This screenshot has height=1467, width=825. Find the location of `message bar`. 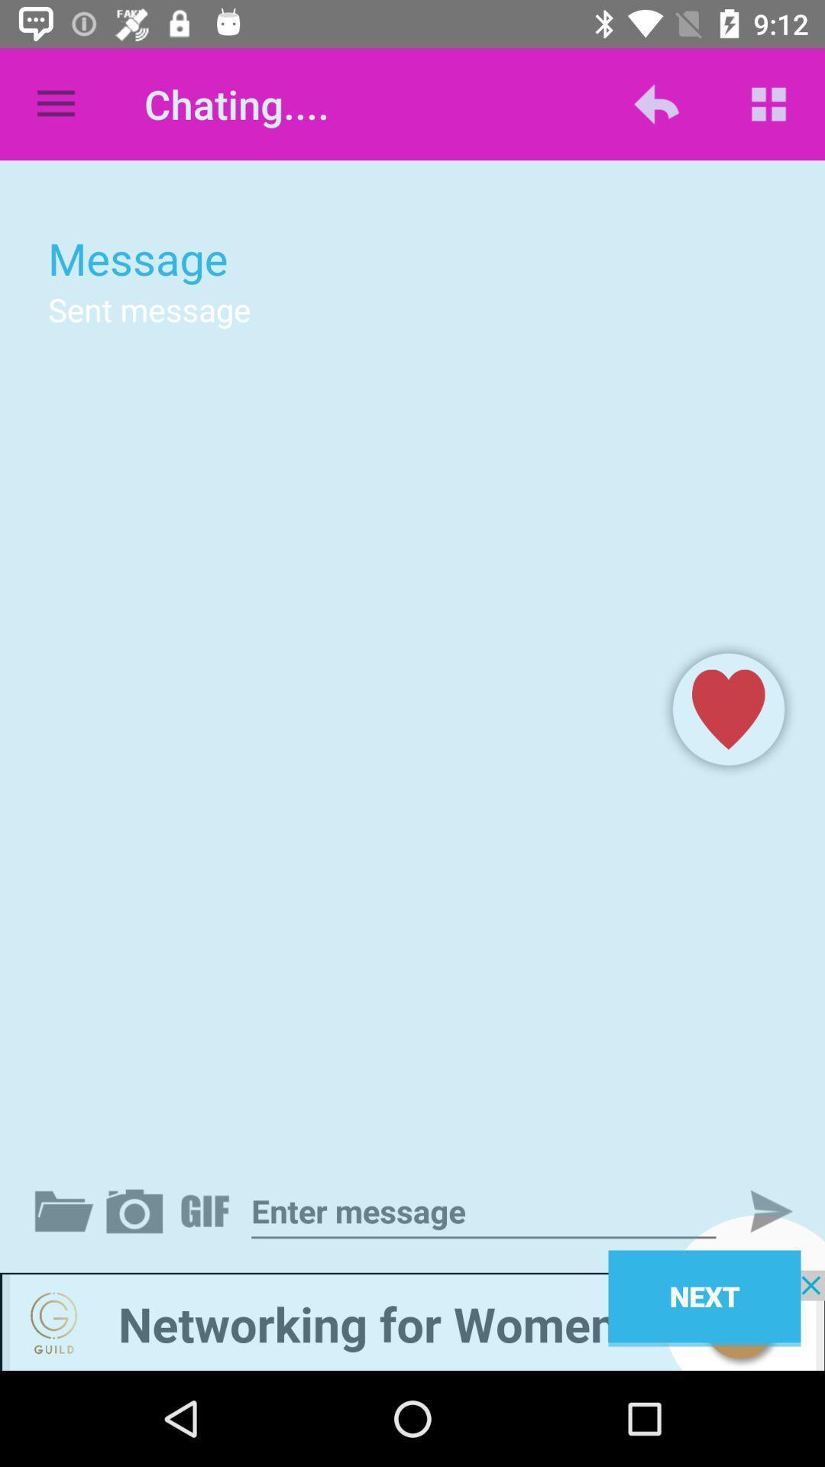

message bar is located at coordinates (484, 1210).